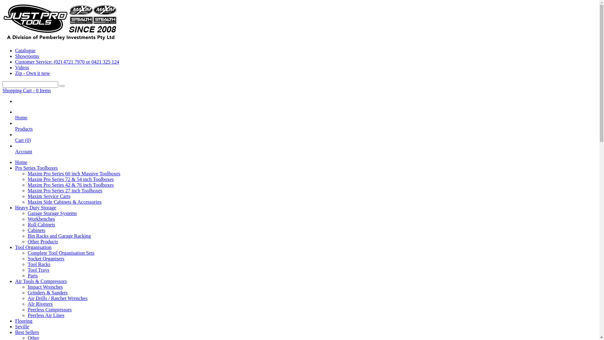 Image resolution: width=604 pixels, height=340 pixels. Describe the element at coordinates (41, 224) in the screenshot. I see `'Roll Cabinets'` at that location.